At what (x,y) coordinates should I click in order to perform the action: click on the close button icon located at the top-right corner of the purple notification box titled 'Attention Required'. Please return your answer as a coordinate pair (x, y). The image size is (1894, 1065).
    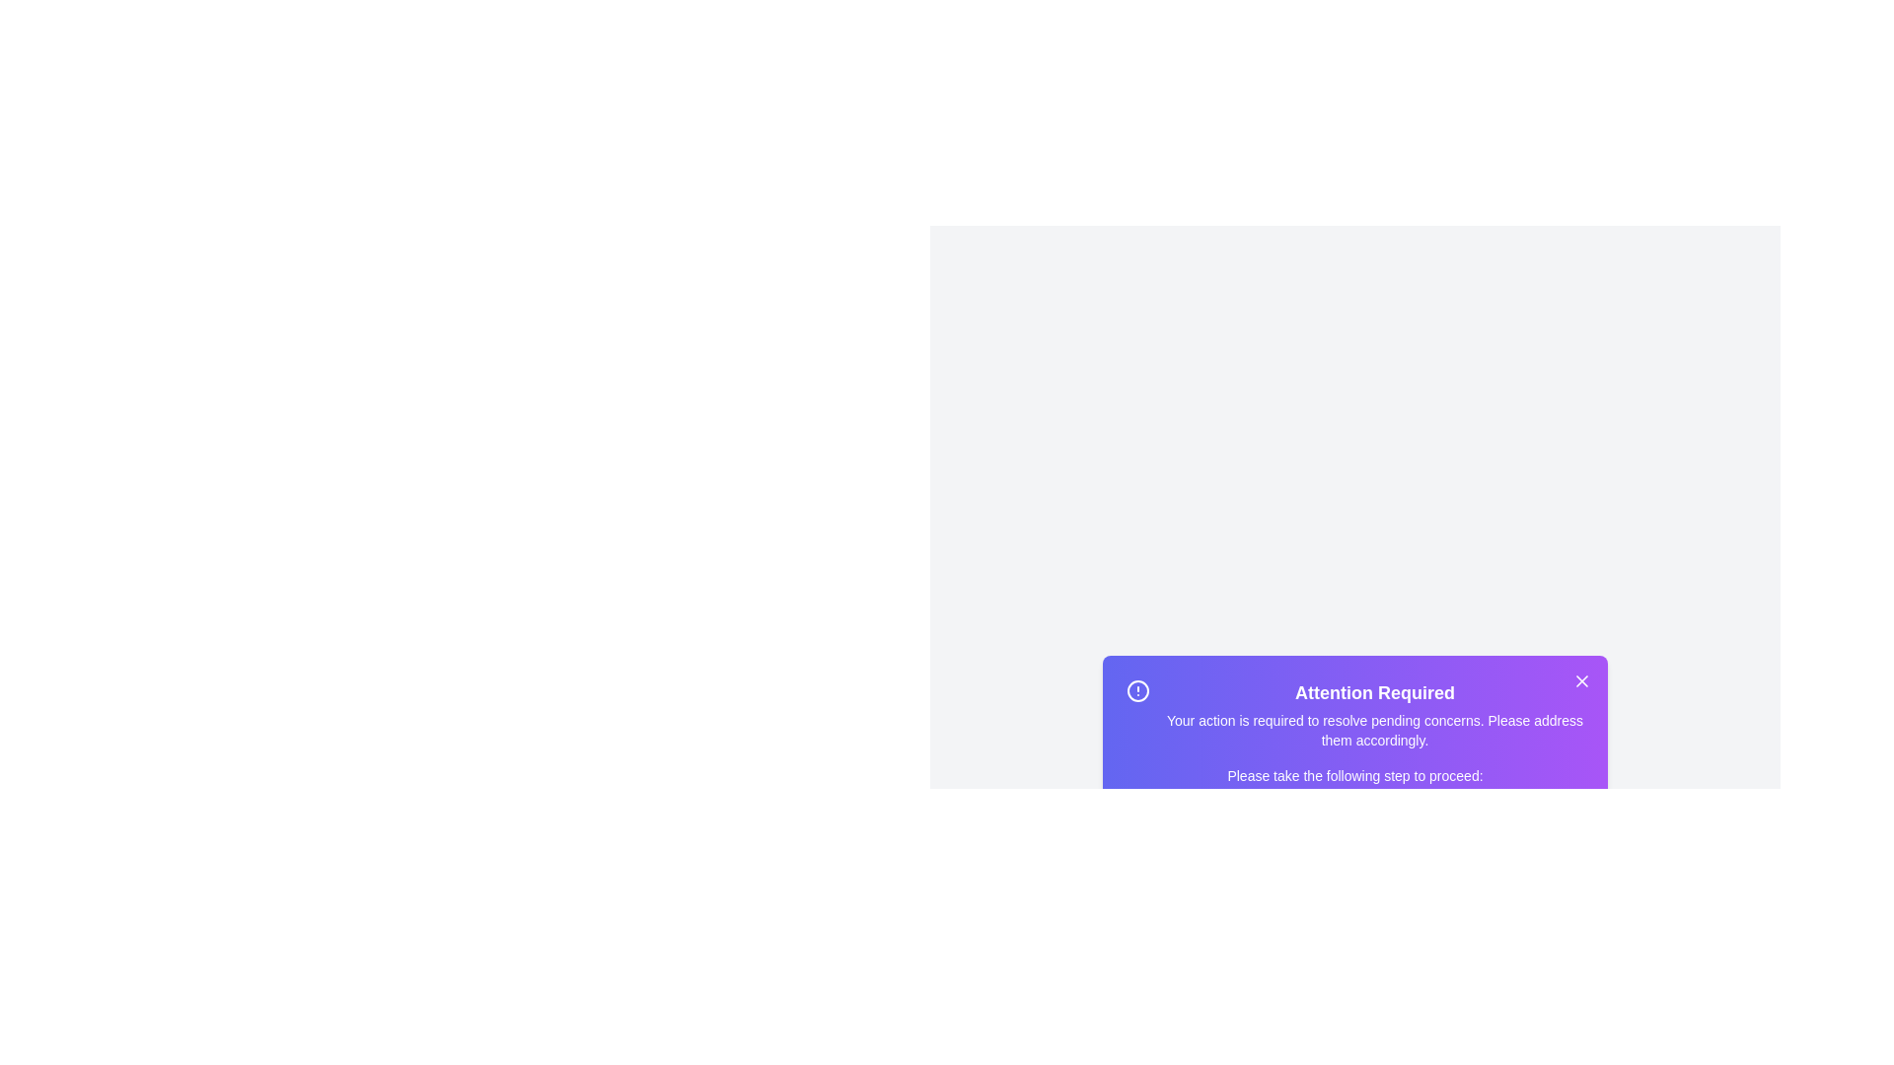
    Looking at the image, I should click on (1581, 679).